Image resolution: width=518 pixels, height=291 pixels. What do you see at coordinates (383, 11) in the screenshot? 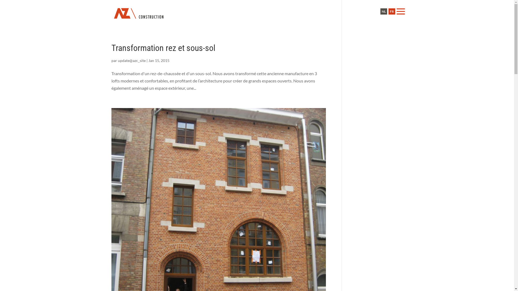
I see `'NL'` at bounding box center [383, 11].